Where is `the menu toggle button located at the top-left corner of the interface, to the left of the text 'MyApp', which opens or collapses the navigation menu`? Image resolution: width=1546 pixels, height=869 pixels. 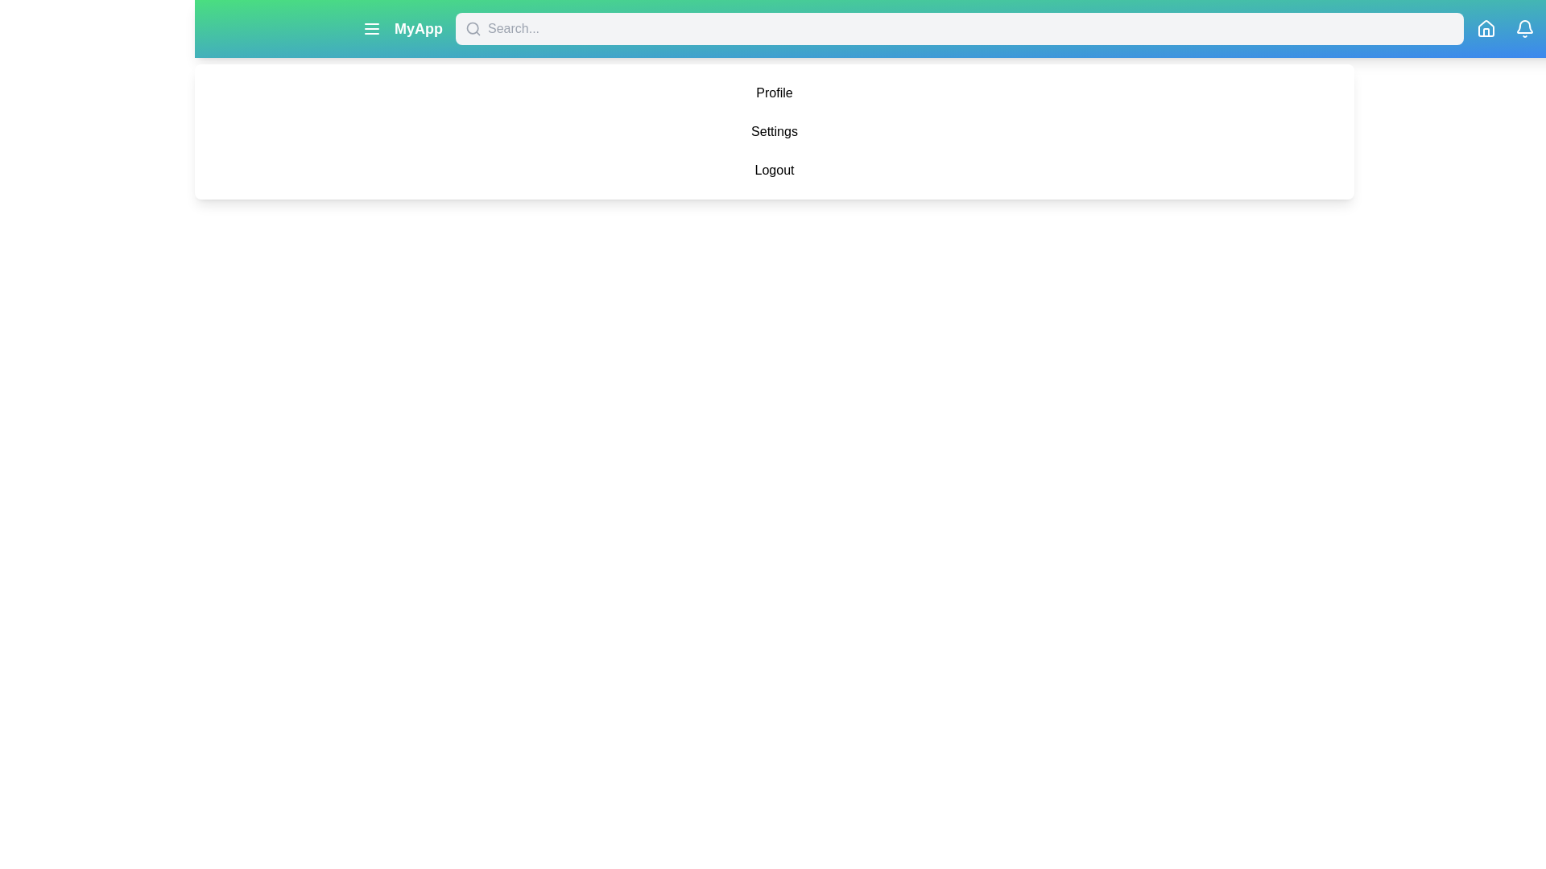 the menu toggle button located at the top-left corner of the interface, to the left of the text 'MyApp', which opens or collapses the navigation menu is located at coordinates (370, 28).